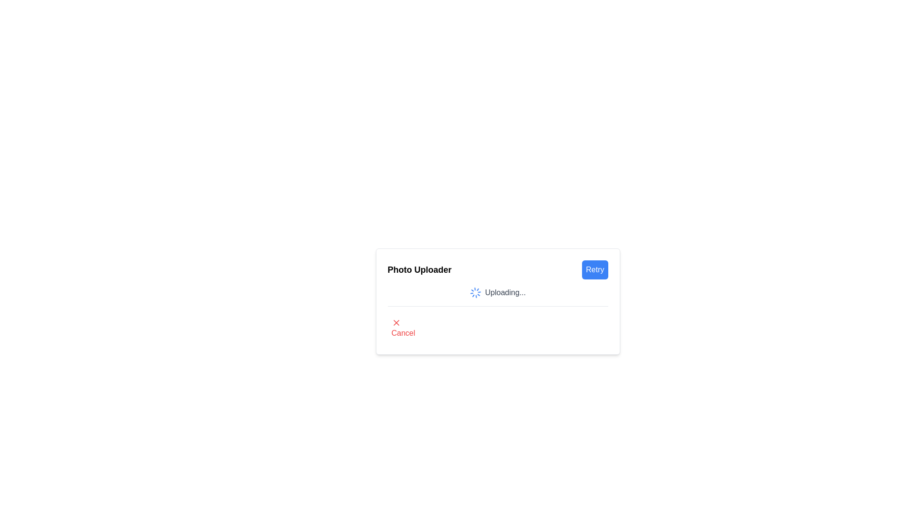 Image resolution: width=916 pixels, height=515 pixels. I want to click on the red cross icon within the cancel button located at the bottom-left area of the interface, so click(396, 322).